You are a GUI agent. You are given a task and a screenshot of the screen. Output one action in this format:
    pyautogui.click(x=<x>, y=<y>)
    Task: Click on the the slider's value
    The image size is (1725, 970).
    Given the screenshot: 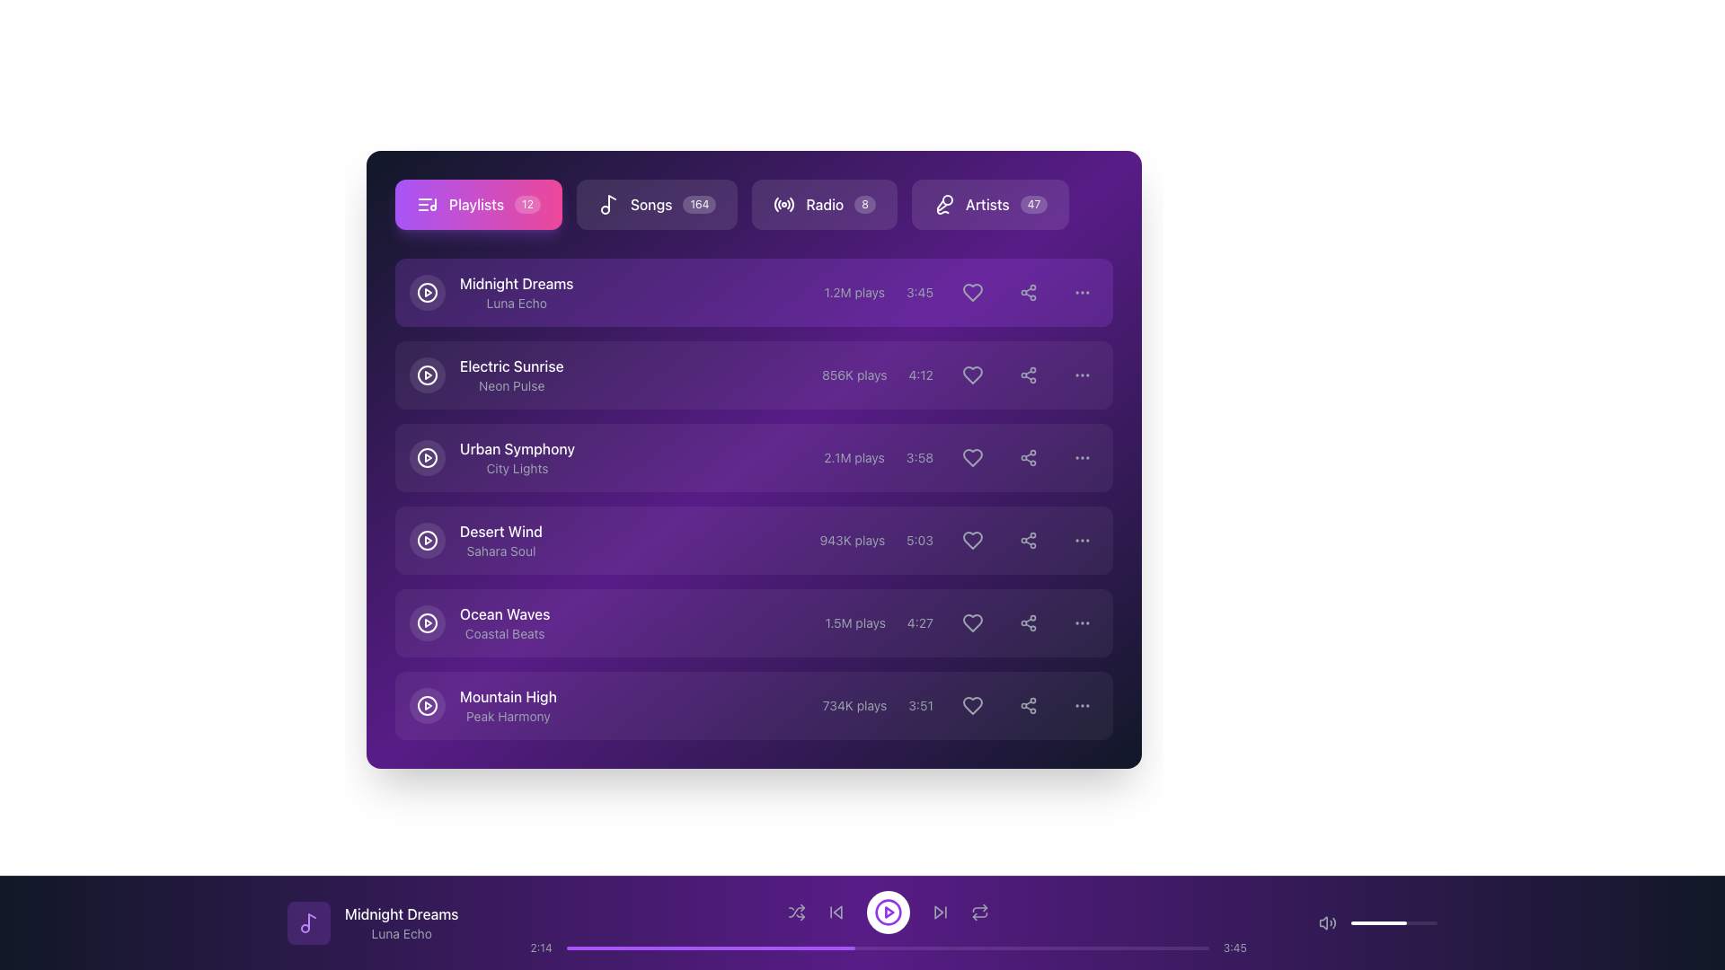 What is the action you would take?
    pyautogui.click(x=1394, y=923)
    